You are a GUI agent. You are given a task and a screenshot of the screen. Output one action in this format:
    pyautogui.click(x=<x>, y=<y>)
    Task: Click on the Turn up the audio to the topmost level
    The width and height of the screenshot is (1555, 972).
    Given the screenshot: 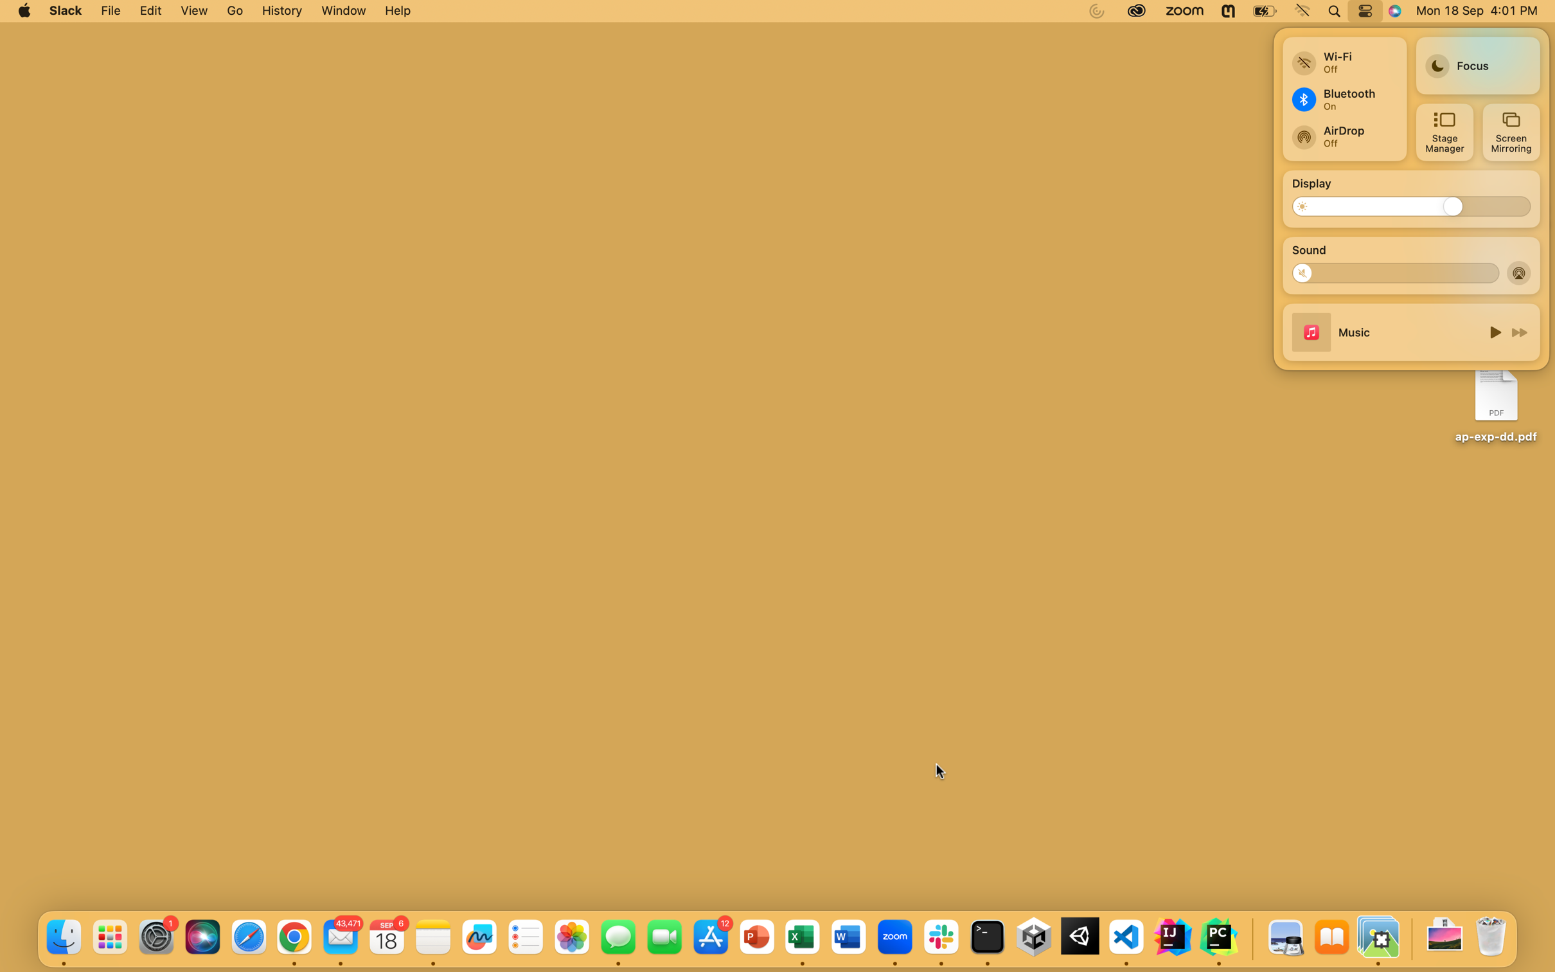 What is the action you would take?
    pyautogui.click(x=1484, y=271)
    